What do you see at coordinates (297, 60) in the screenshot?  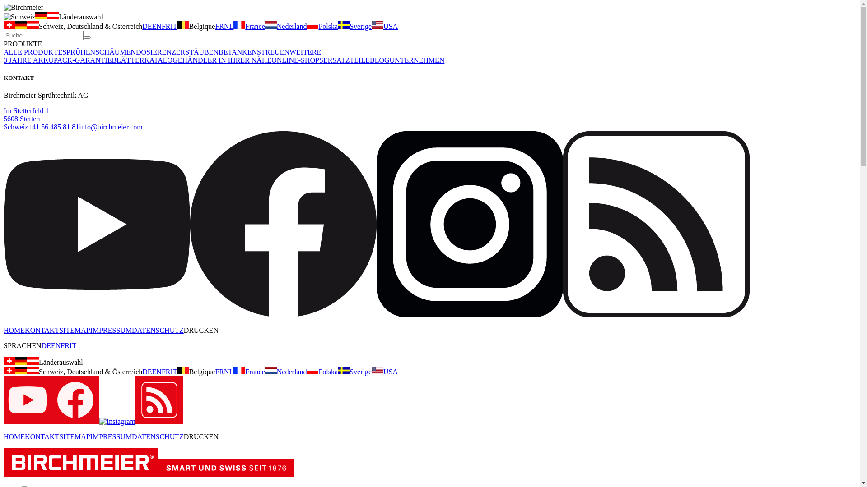 I see `'ONLINE-SHOPS'` at bounding box center [297, 60].